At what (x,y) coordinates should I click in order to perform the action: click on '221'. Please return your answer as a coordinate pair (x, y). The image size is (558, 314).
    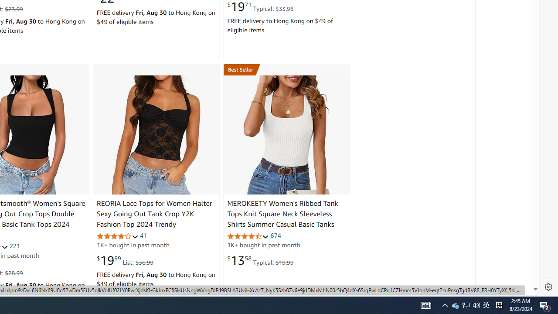
    Looking at the image, I should click on (14, 246).